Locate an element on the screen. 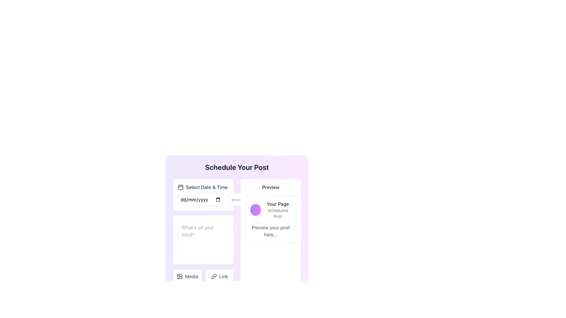  the calendar icon on the Combined component with a date input field and a button for date selection is located at coordinates (203, 199).